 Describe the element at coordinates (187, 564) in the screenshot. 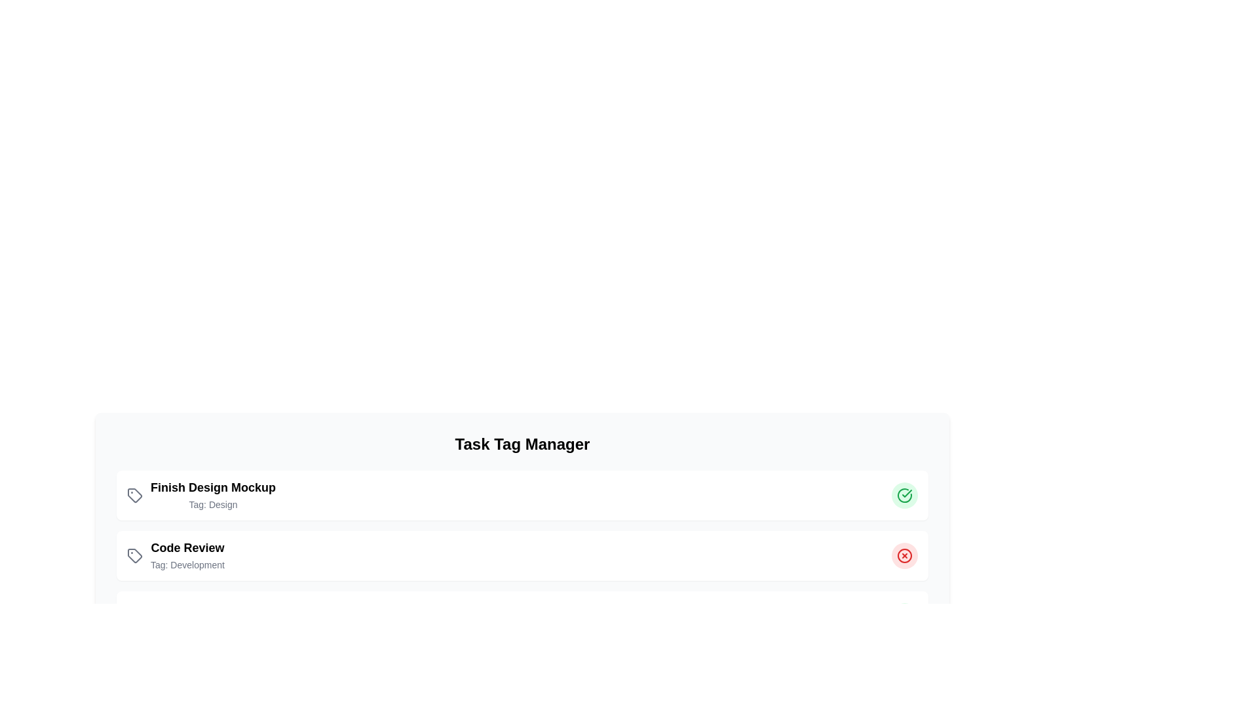

I see `the text label that reads 'Tag: Development', which is styled in a smaller font size and gray color, positioned directly below the 'Code Review' title within the card layout` at that location.